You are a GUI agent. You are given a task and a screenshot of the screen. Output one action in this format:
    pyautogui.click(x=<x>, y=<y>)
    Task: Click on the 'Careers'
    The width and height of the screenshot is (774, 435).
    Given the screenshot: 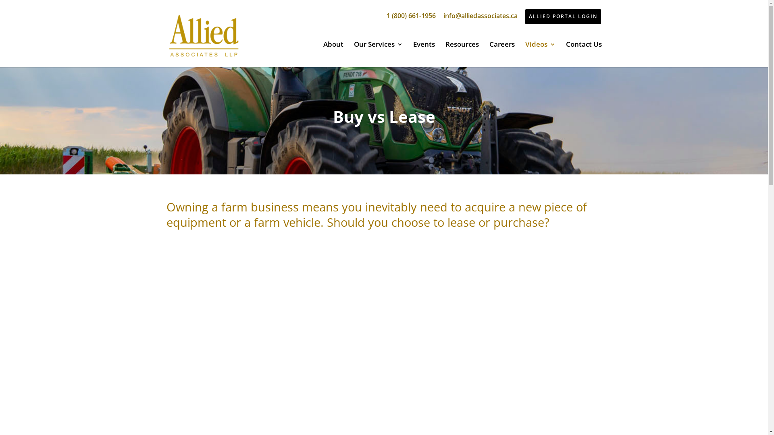 What is the action you would take?
    pyautogui.click(x=501, y=54)
    